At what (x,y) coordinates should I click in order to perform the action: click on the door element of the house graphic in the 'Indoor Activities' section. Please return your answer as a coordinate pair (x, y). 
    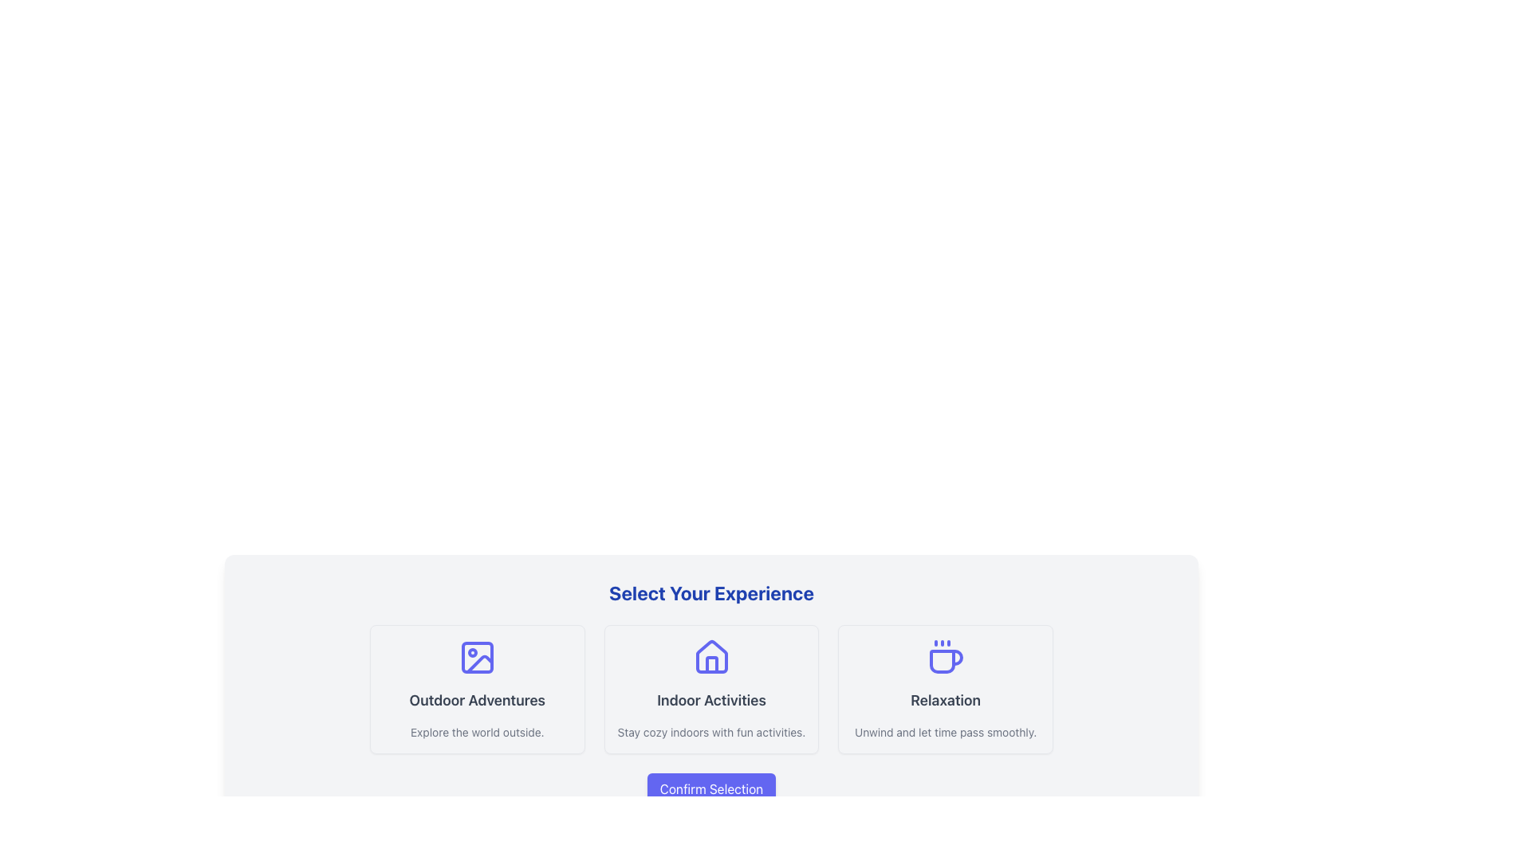
    Looking at the image, I should click on (710, 664).